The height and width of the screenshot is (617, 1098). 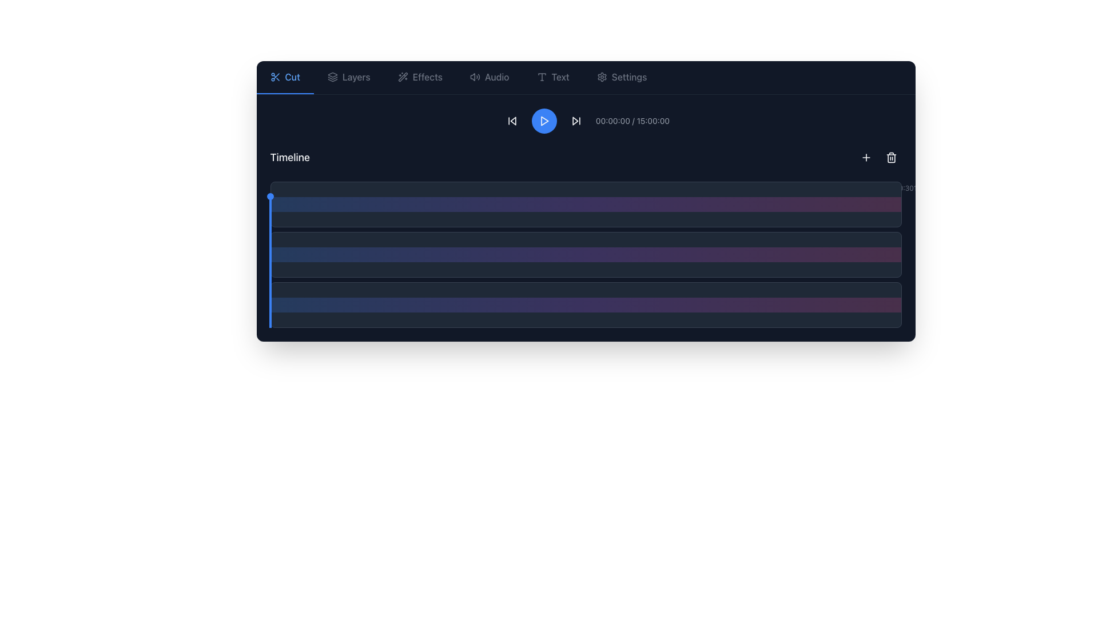 What do you see at coordinates (332, 79) in the screenshot?
I see `the bottom-most trapezoidal layer of the layered stack icon located in the top toolbar, adjacent to the 'Cut' and 'Effects' icons` at bounding box center [332, 79].